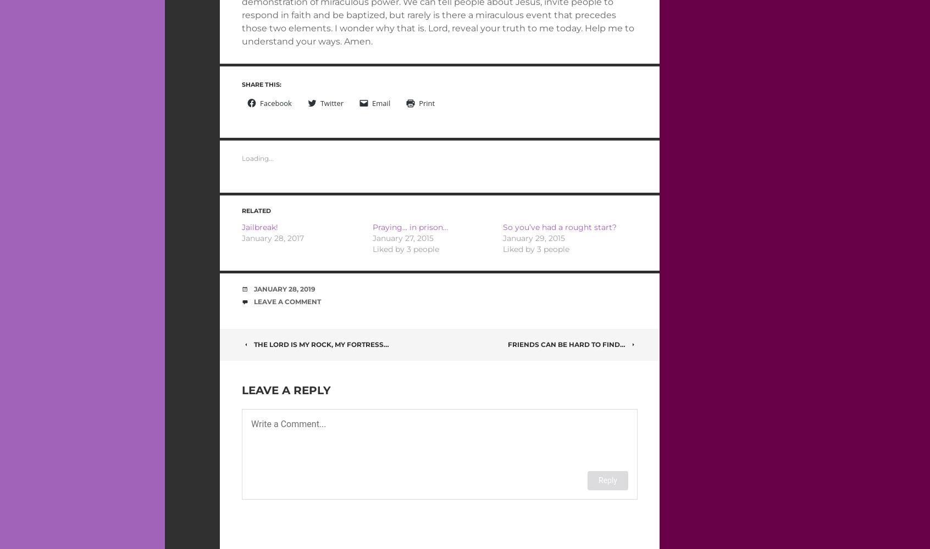  What do you see at coordinates (284, 288) in the screenshot?
I see `'January 28, 2019'` at bounding box center [284, 288].